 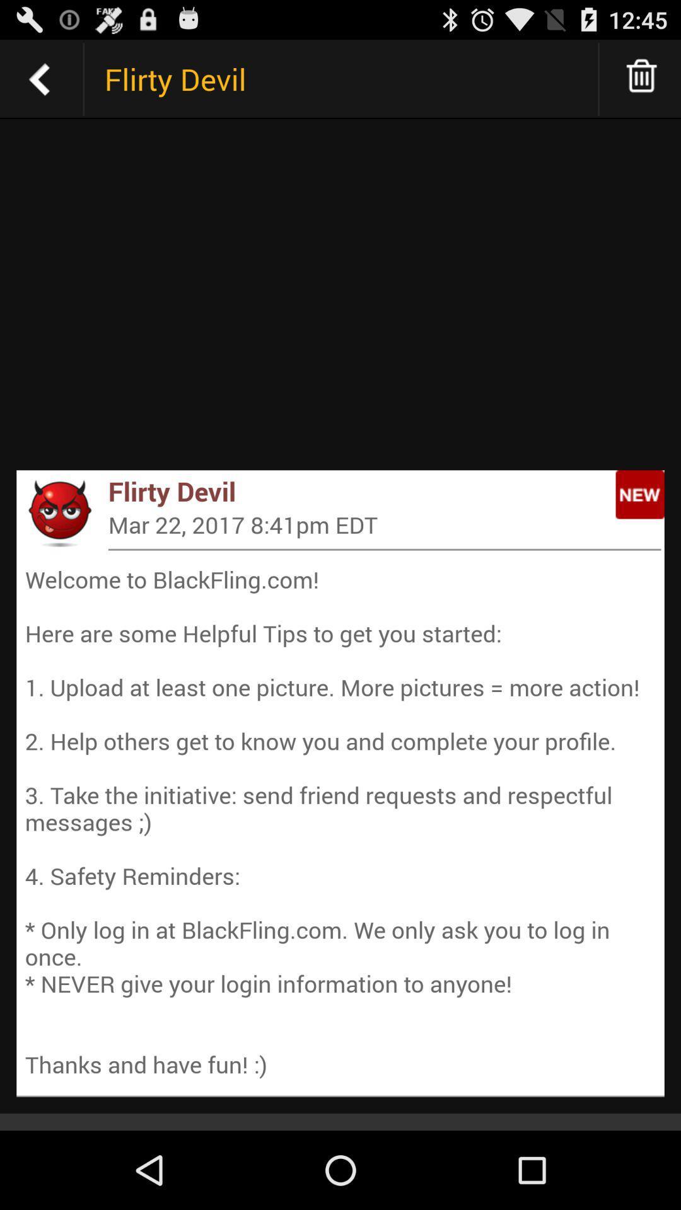 I want to click on welcome to blackfling at the bottom, so click(x=340, y=822).